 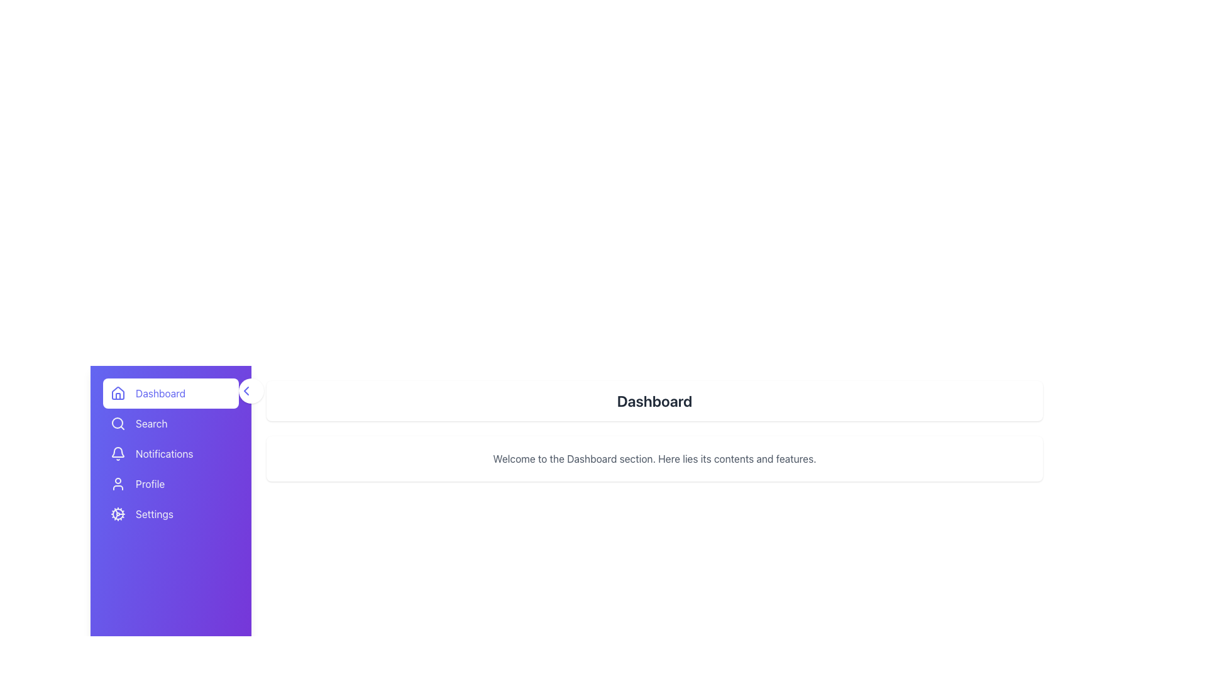 What do you see at coordinates (654, 400) in the screenshot?
I see `the prominently styled text label displaying 'Dashboard' in a large, bold font, located at the top of the content section` at bounding box center [654, 400].